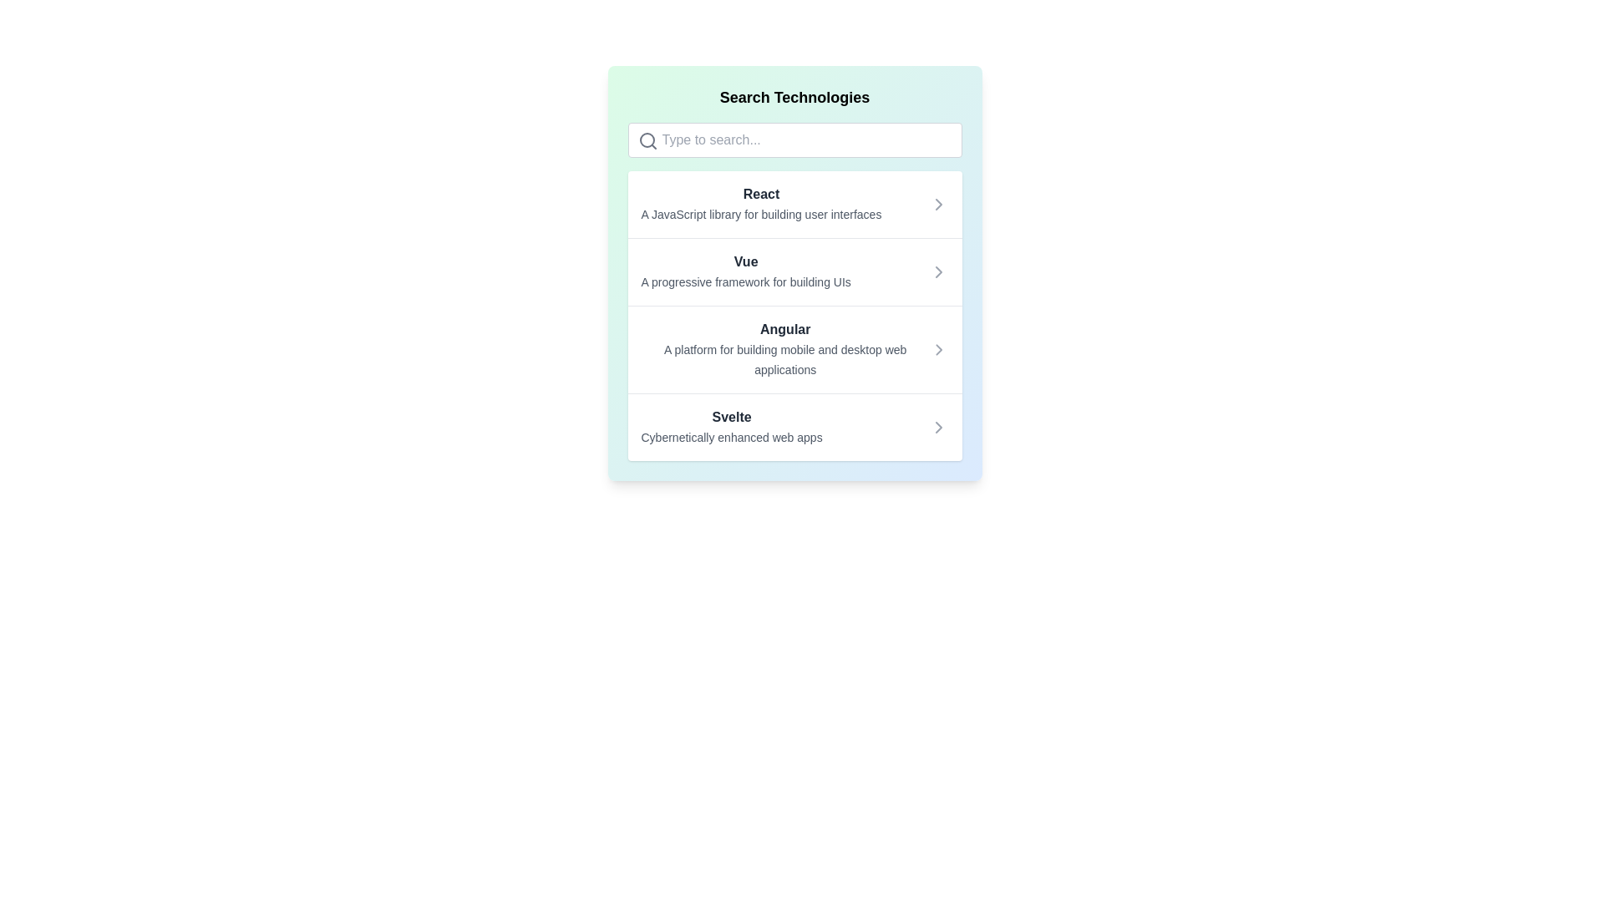  Describe the element at coordinates (794, 316) in the screenshot. I see `the third item in the vertical list of JavaScript frameworks, which is located between the 'Vue' and 'Svelte' entries` at that location.